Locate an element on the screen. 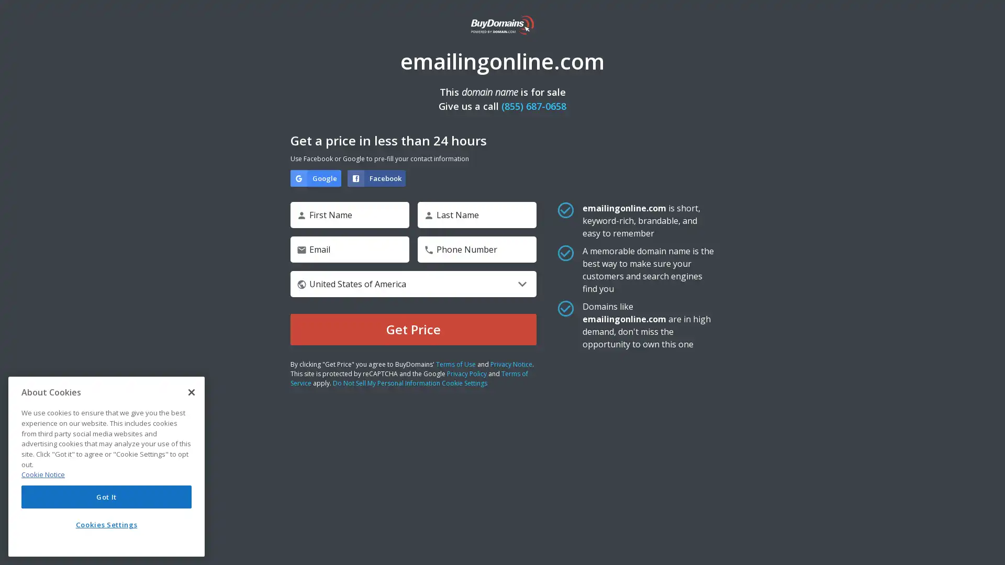 The image size is (1005, 565). Facebook is located at coordinates (376, 177).